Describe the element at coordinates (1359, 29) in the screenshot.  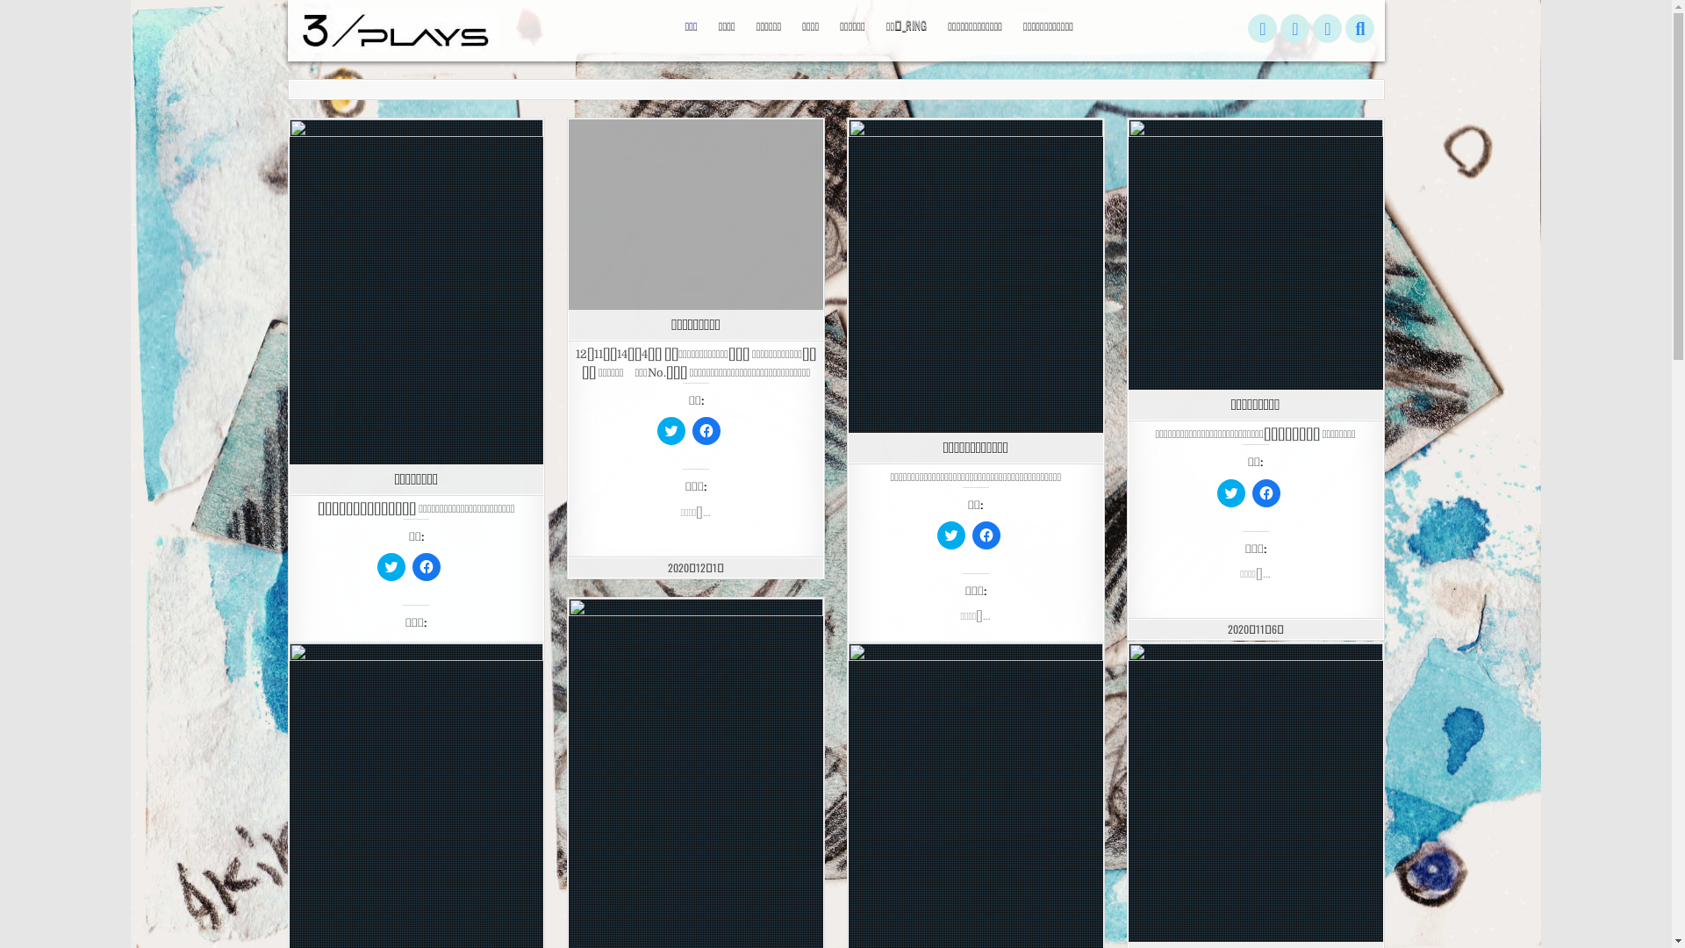
I see `'Search'` at that location.